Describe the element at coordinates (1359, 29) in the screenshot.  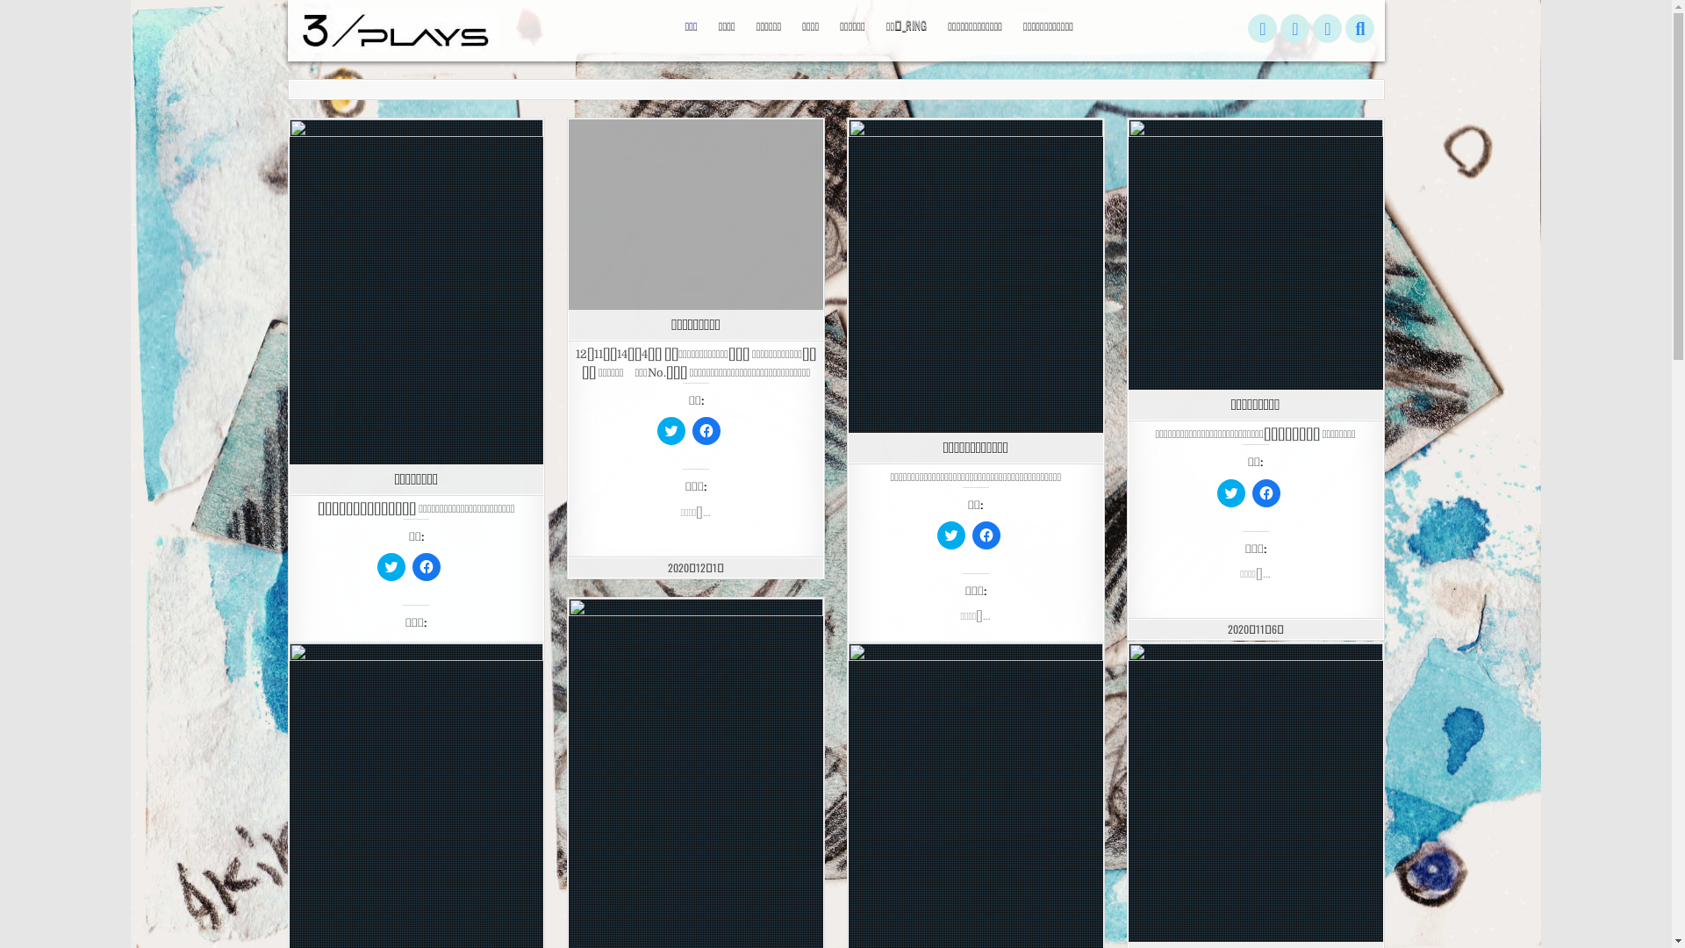
I see `'Search'` at that location.